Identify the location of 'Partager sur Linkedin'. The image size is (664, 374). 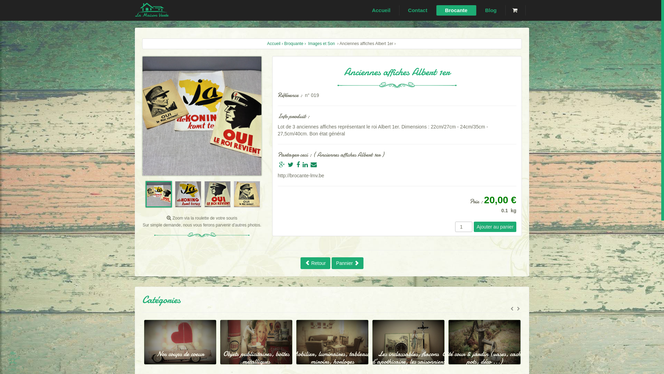
(305, 165).